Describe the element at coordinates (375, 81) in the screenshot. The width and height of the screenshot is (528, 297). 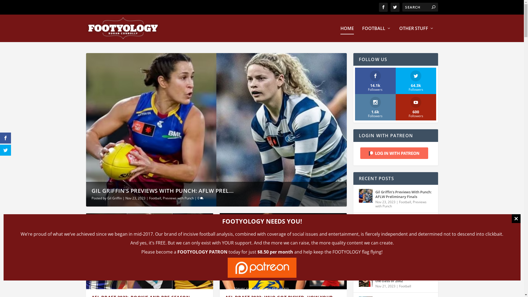
I see `'14.1k` at that location.